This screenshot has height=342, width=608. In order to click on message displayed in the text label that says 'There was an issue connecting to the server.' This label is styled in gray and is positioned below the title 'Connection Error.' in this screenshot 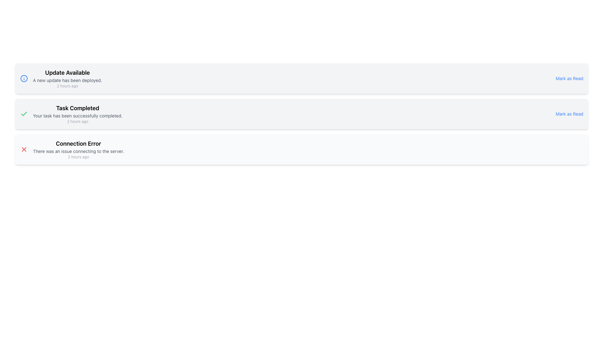, I will do `click(78, 151)`.